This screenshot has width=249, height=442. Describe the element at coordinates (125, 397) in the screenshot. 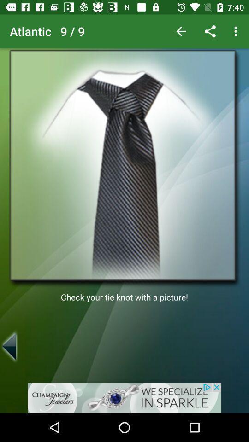

I see `open advertisement` at that location.